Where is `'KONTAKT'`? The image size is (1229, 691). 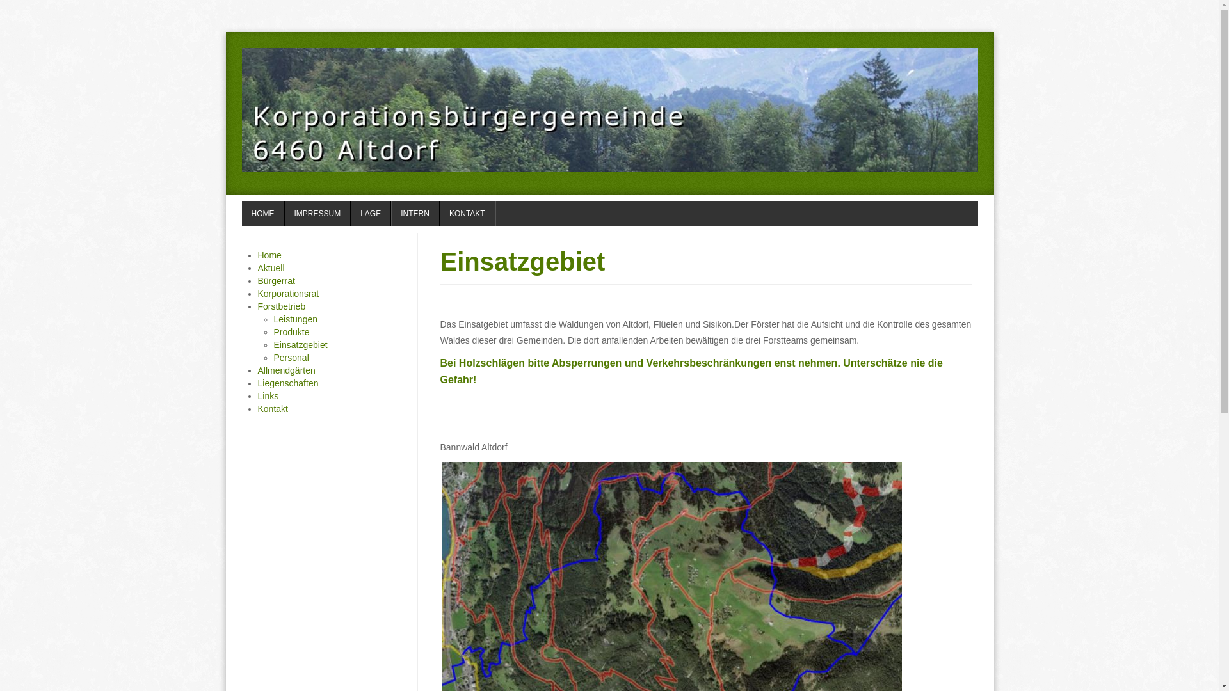
'KONTAKT' is located at coordinates (467, 213).